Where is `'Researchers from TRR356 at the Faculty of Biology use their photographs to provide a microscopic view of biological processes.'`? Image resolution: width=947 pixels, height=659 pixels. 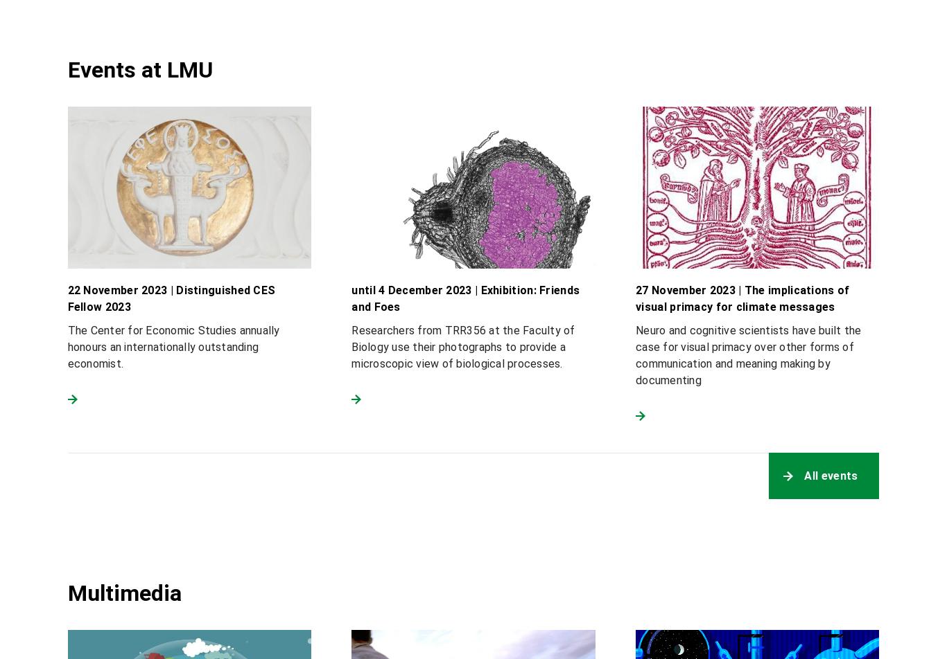 'Researchers from TRR356 at the Faculty of Biology use their photographs to provide a microscopic view of biological processes.' is located at coordinates (462, 347).